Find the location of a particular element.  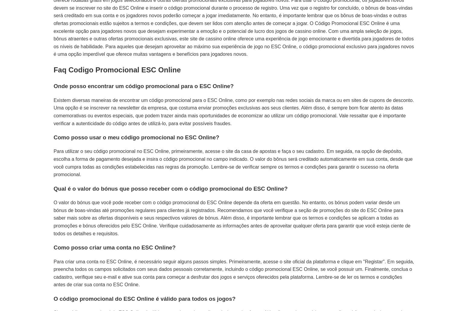

'Onde posso encontrar um código promocional para o ESC Online?' is located at coordinates (143, 86).